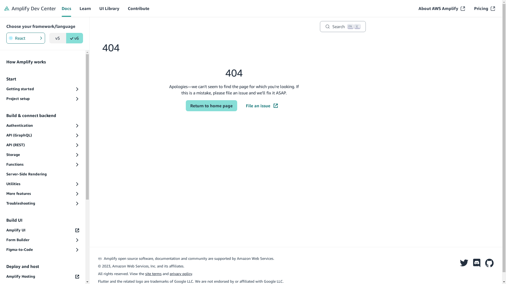 The height and width of the screenshot is (284, 506). Describe the element at coordinates (109, 8) in the screenshot. I see `'UI Library'` at that location.